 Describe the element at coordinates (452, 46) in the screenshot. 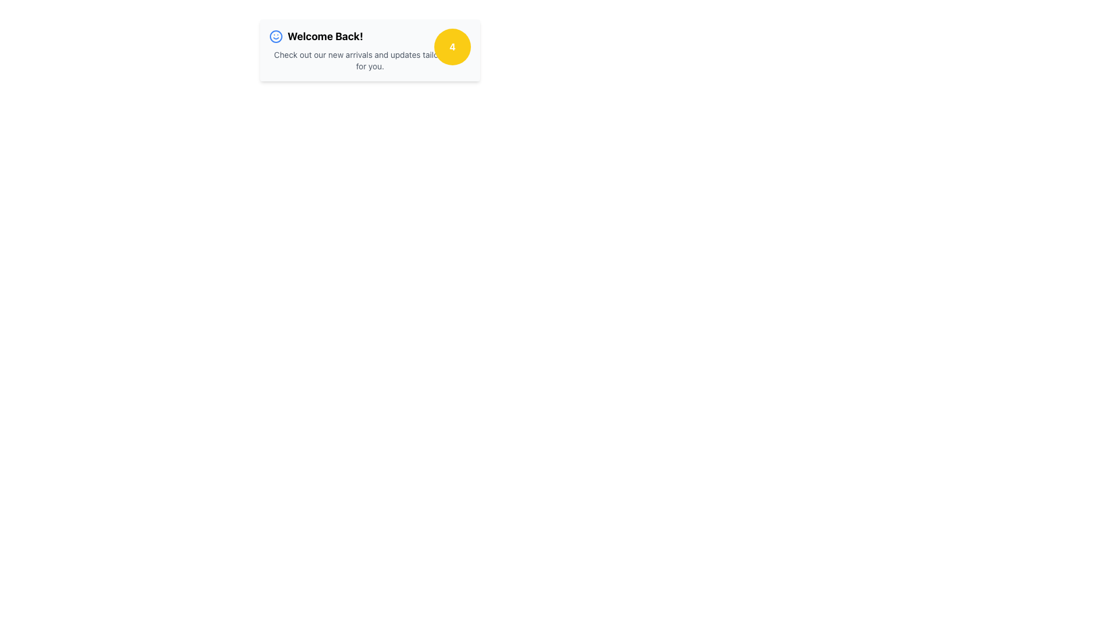

I see `the bold white numeral '4' displayed prominently within a circular yellow background, located at the top-right section of the layout adjacent to the 'Welcome Back!' message box` at that location.